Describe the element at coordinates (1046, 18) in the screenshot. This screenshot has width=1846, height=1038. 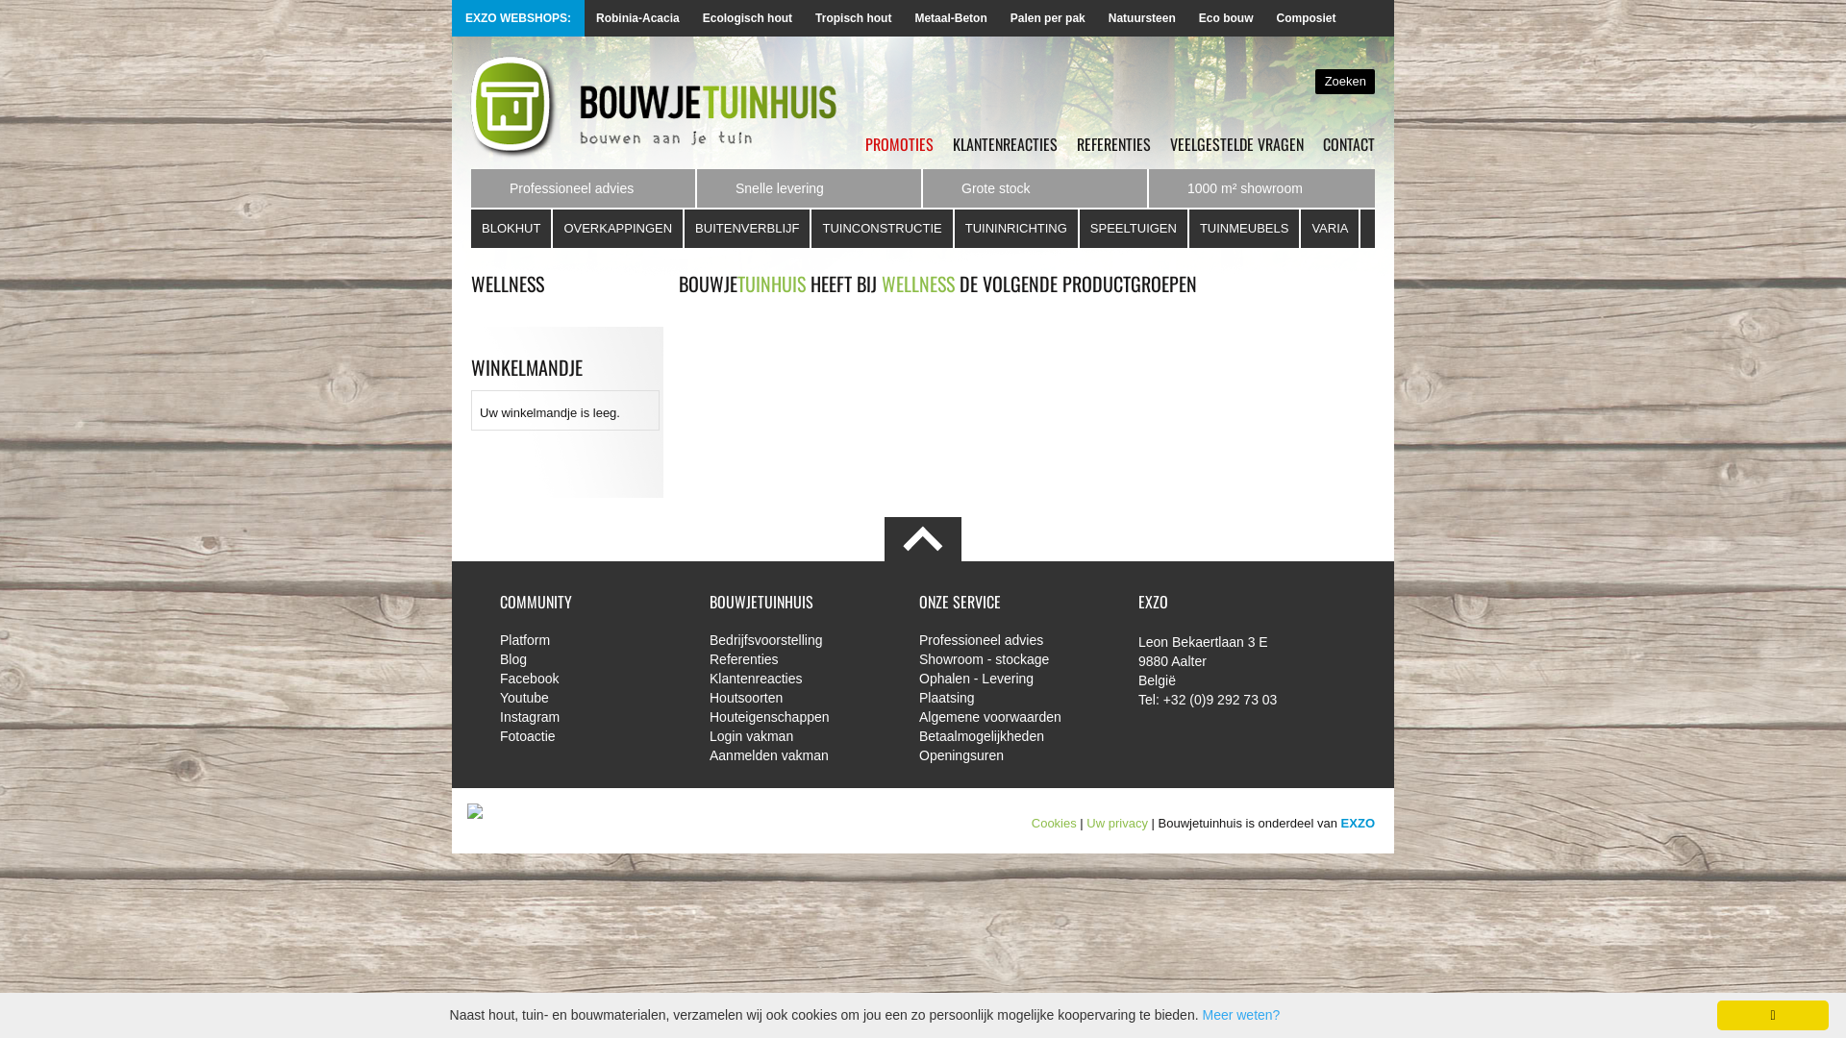
I see `'Palen per pak'` at that location.